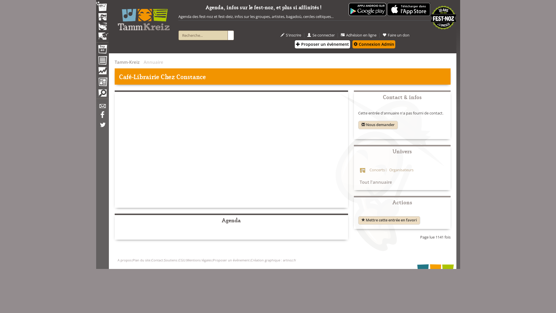 This screenshot has width=556, height=313. Describe the element at coordinates (178, 260) in the screenshot. I see `'CGU'` at that location.